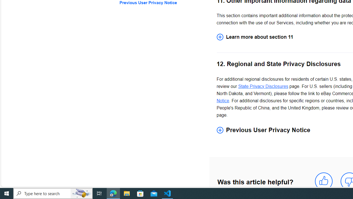  What do you see at coordinates (263, 86) in the screenshot?
I see `'State Privacy Disclosures - opens in new window or tab'` at bounding box center [263, 86].